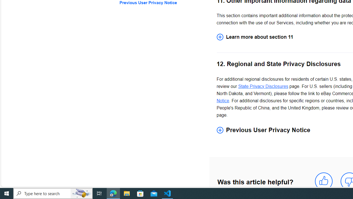  What do you see at coordinates (263, 86) in the screenshot?
I see `'State Privacy Disclosures - opens in new window or tab'` at bounding box center [263, 86].